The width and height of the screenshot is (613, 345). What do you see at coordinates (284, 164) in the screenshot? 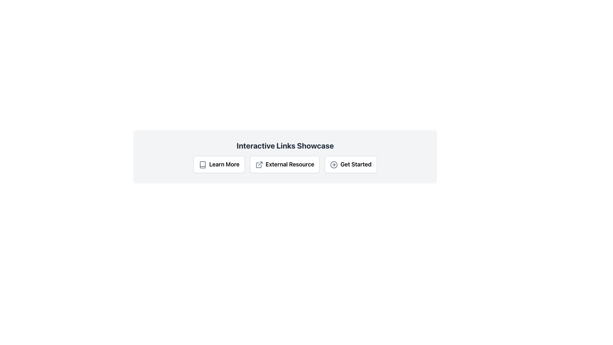
I see `the second button in a row of three buttons, which is positioned between 'Learn More' and 'Get Started'` at bounding box center [284, 164].